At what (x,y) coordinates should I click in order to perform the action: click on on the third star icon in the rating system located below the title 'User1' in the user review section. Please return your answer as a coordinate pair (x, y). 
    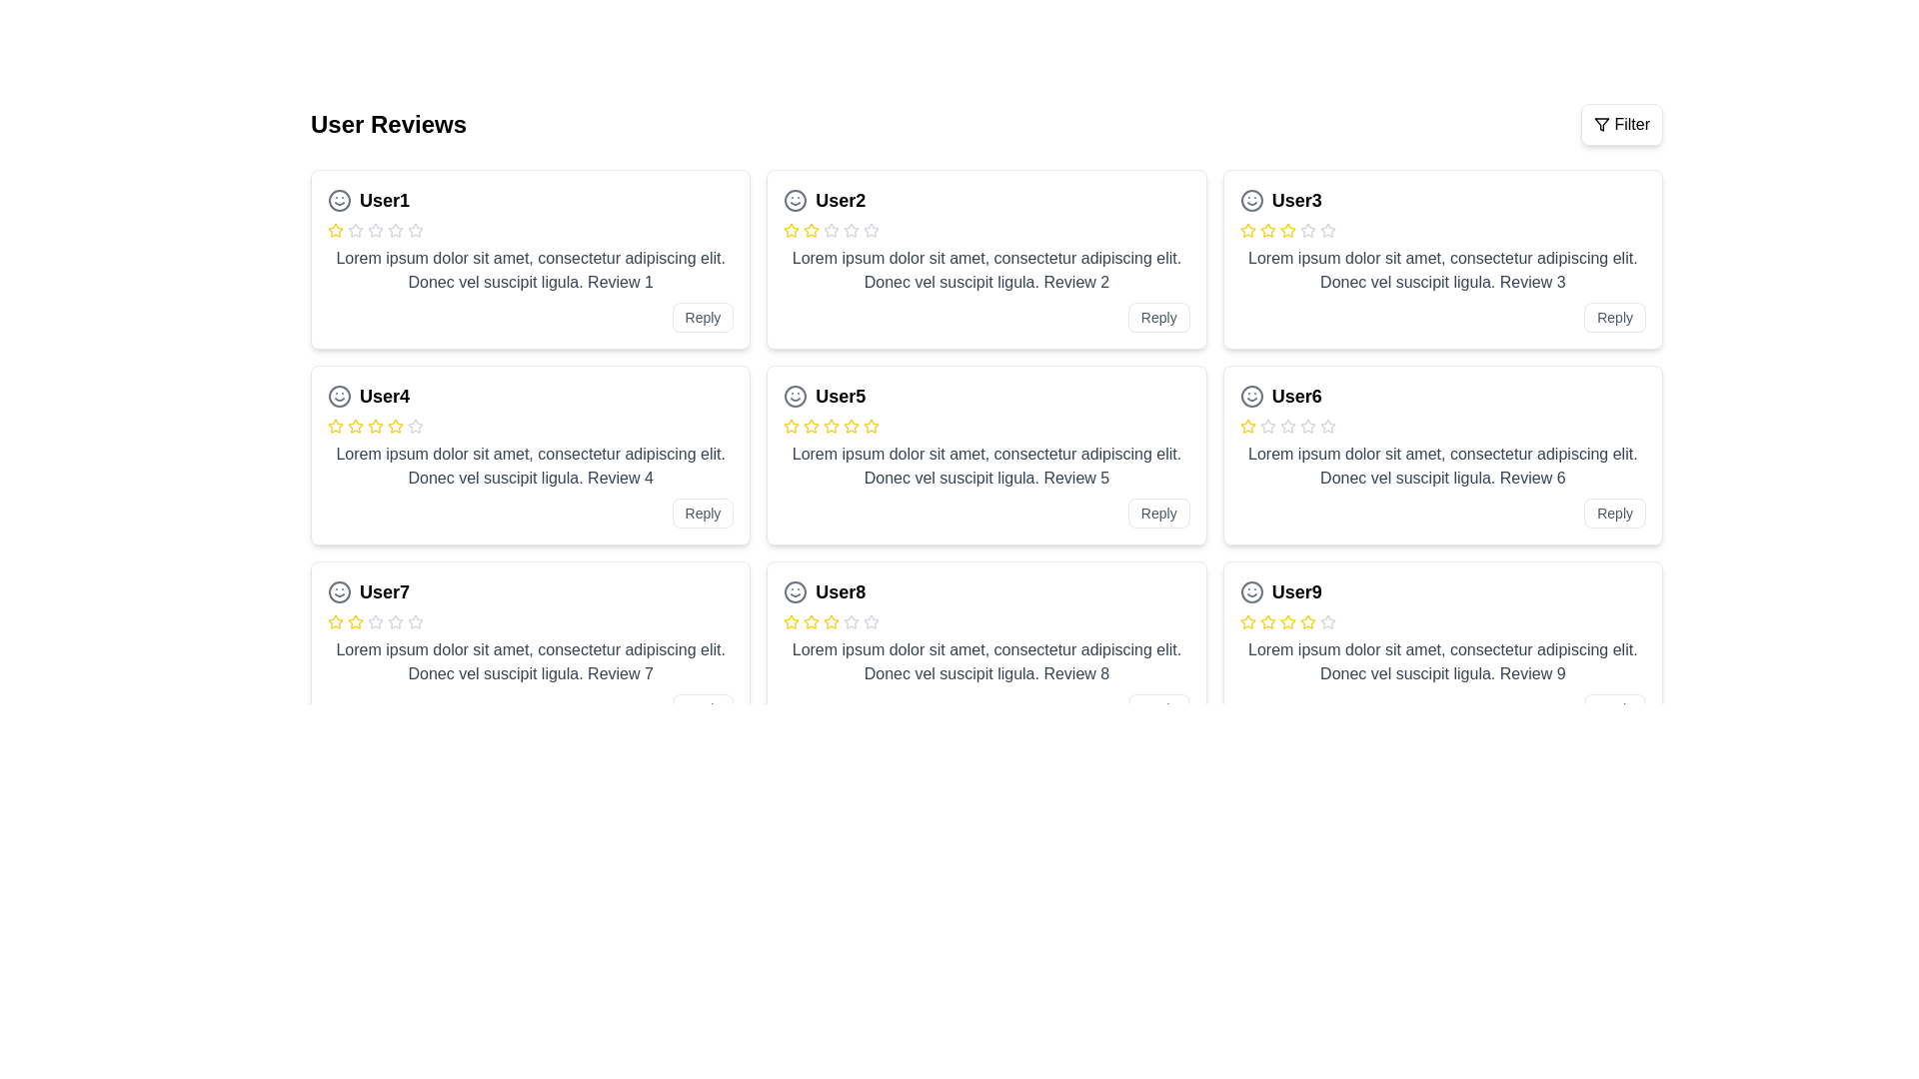
    Looking at the image, I should click on (355, 230).